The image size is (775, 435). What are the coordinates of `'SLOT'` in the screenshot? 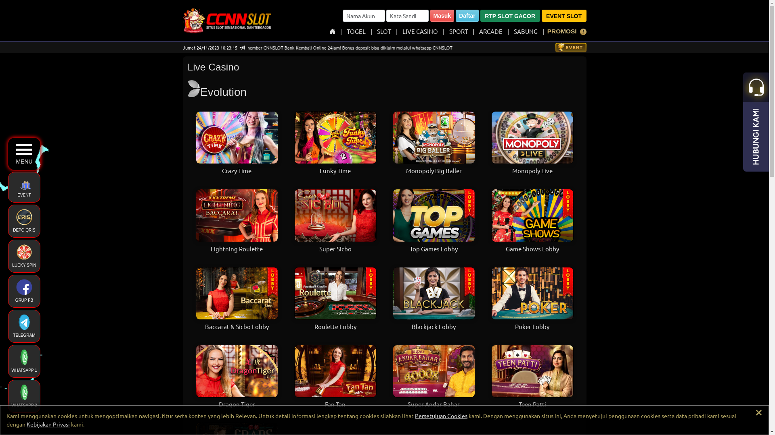 It's located at (383, 31).